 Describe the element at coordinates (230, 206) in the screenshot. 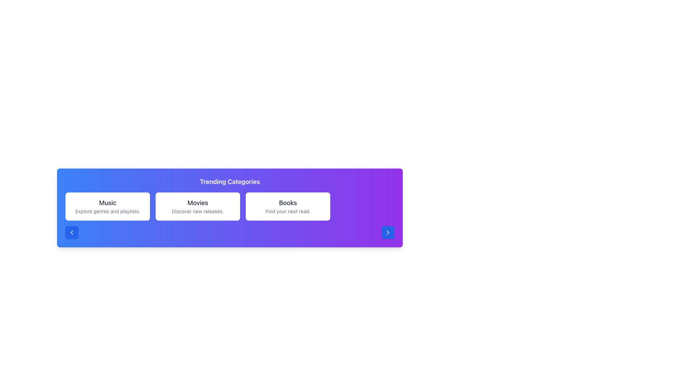

I see `the 'Movies' card in the 'Trending Categories' section` at that location.